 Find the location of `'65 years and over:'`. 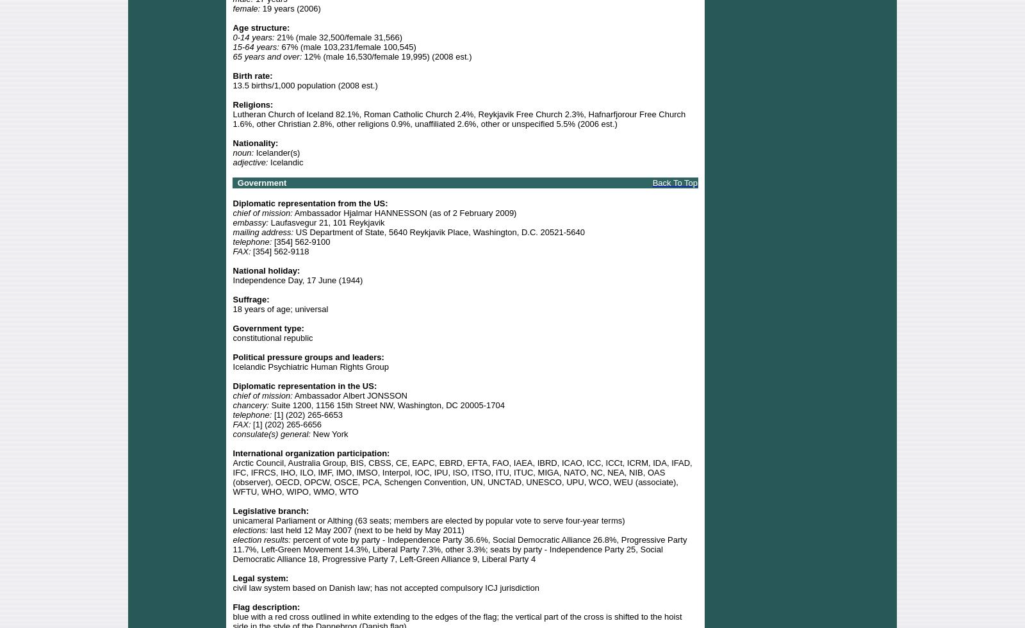

'65 years and over:' is located at coordinates (266, 56).